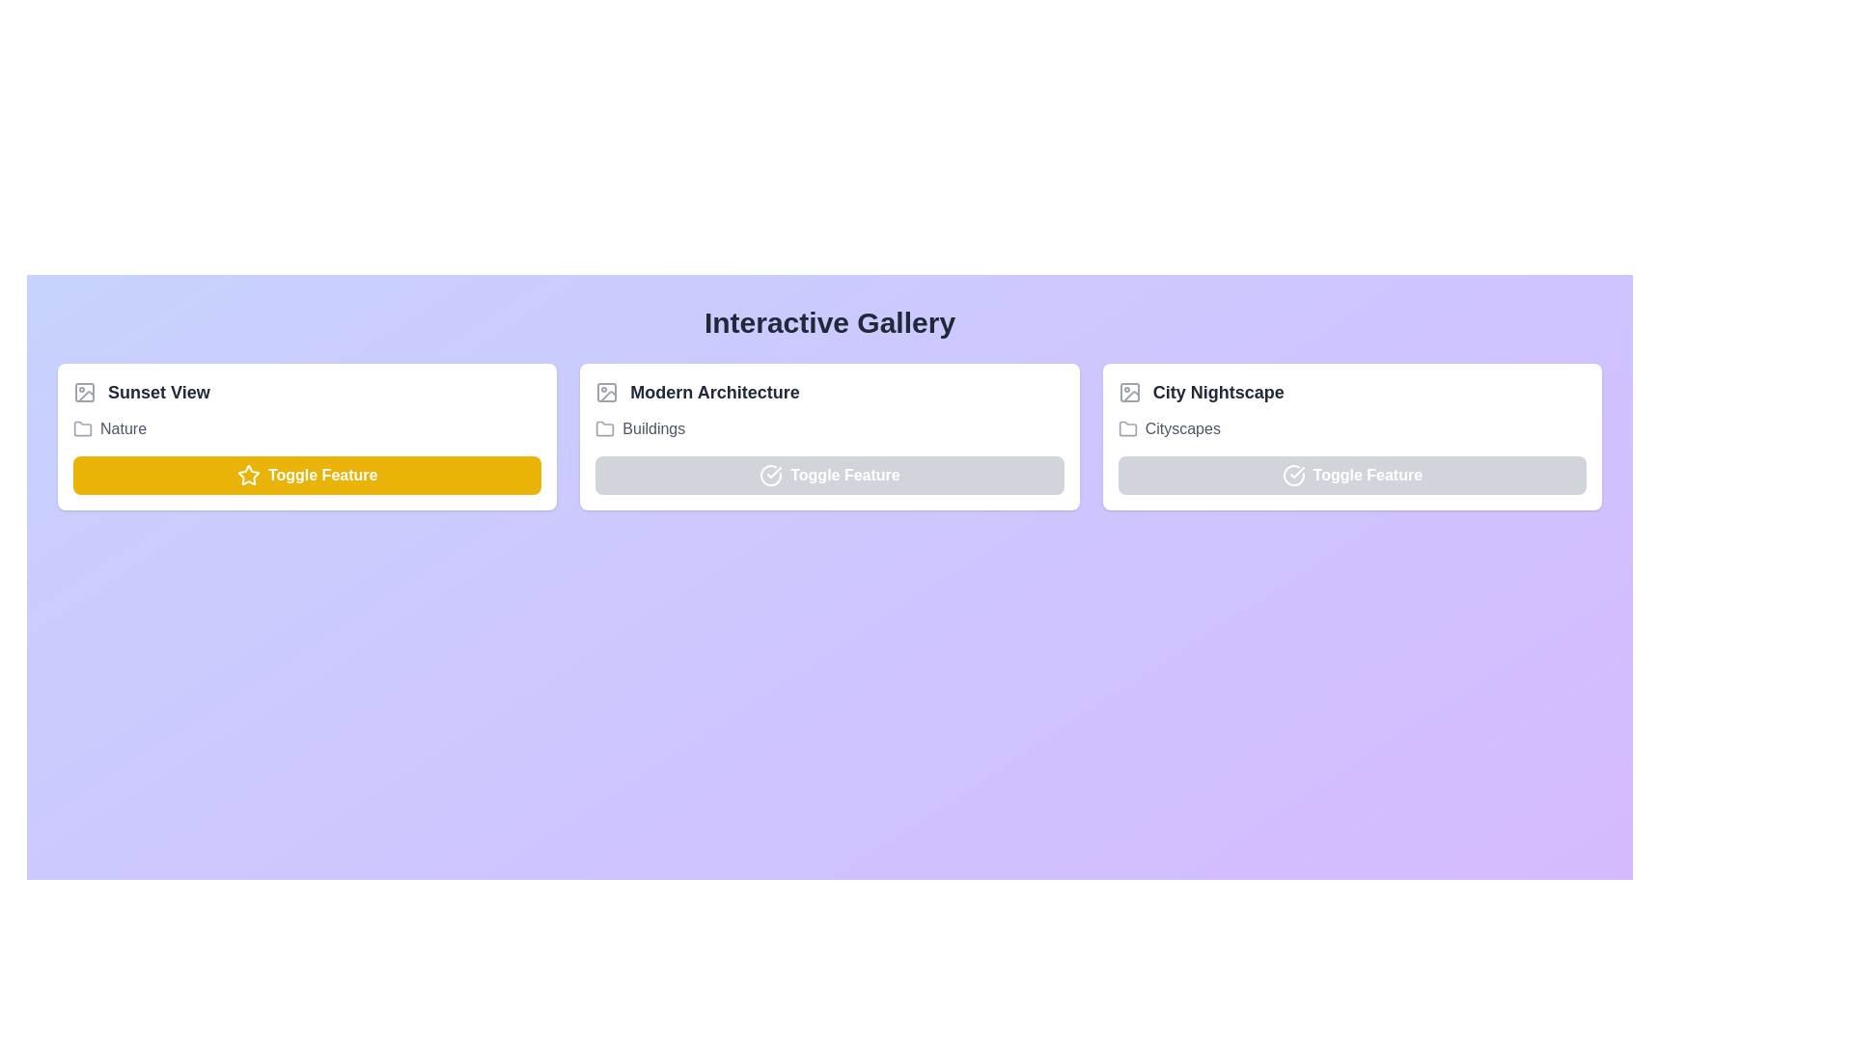 The height and width of the screenshot is (1042, 1853). I want to click on the button located at the bottom of the 'City Nightscape' card on the right within the row of cards in the 'Interactive Gallery' section, so click(1351, 476).